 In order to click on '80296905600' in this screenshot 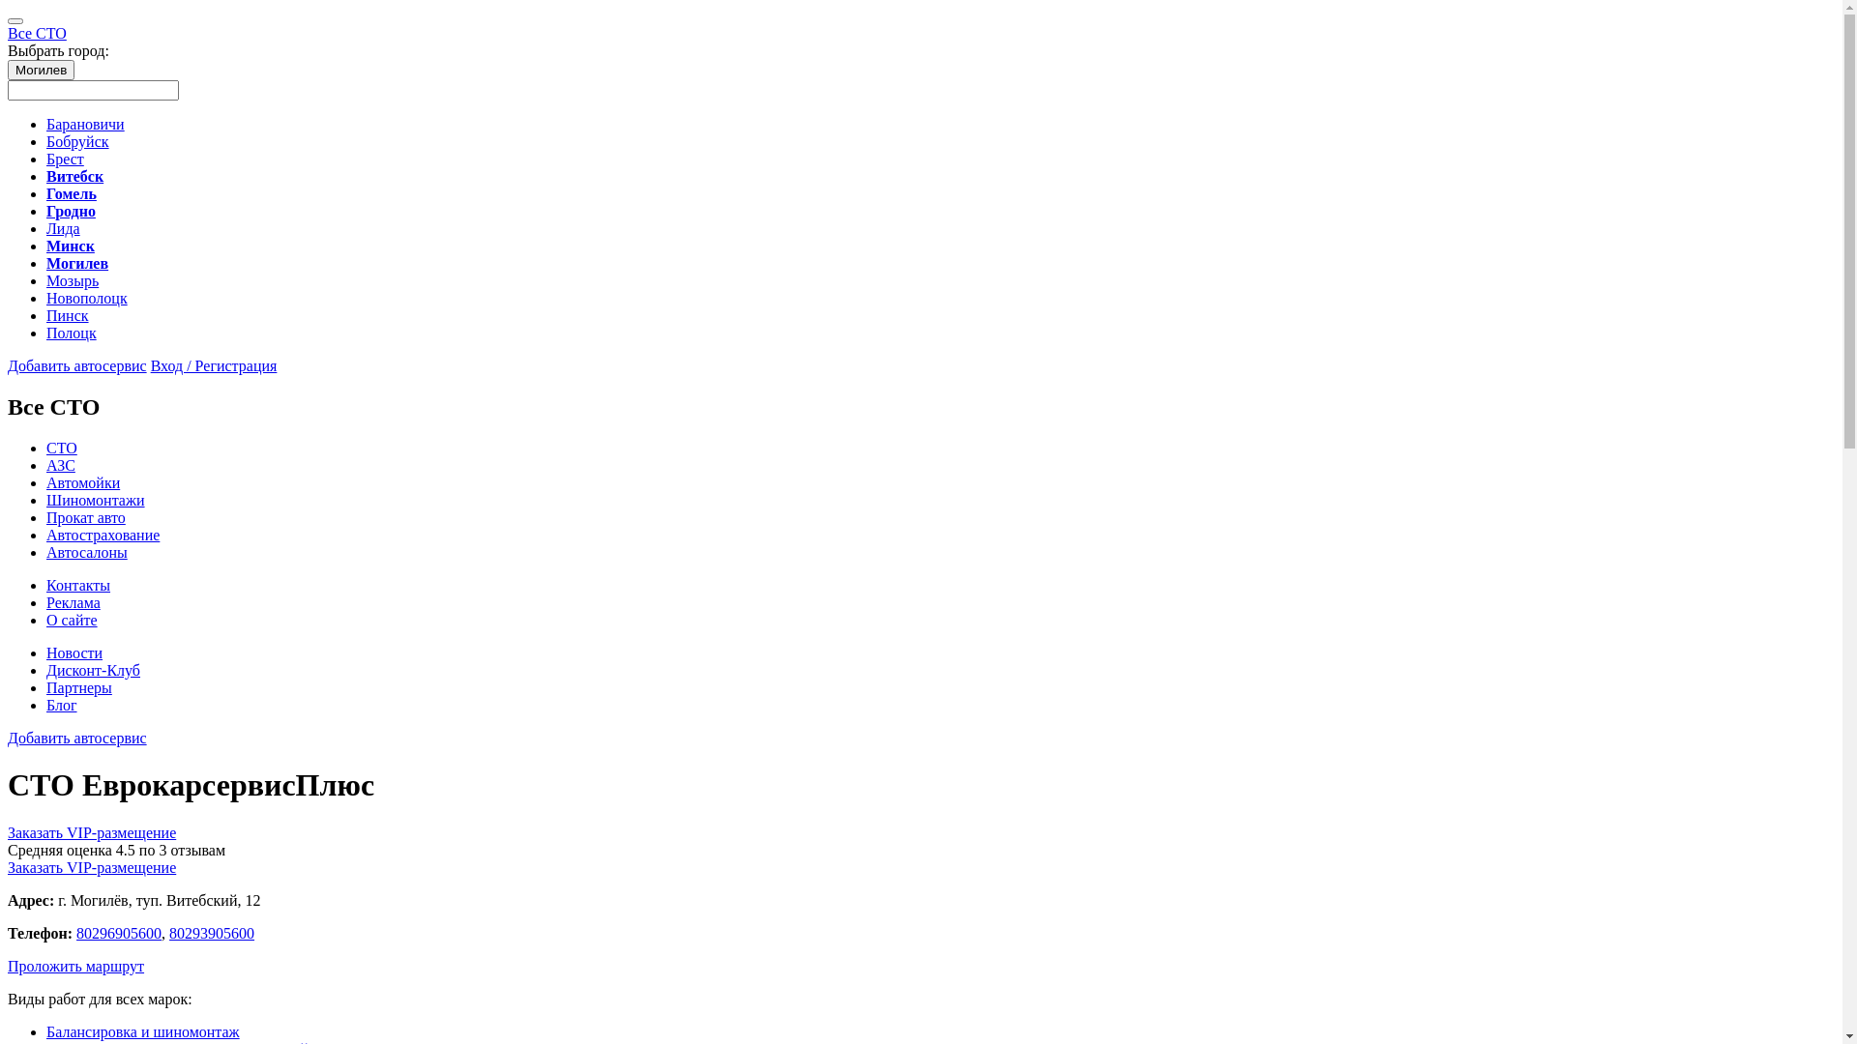, I will do `click(118, 932)`.